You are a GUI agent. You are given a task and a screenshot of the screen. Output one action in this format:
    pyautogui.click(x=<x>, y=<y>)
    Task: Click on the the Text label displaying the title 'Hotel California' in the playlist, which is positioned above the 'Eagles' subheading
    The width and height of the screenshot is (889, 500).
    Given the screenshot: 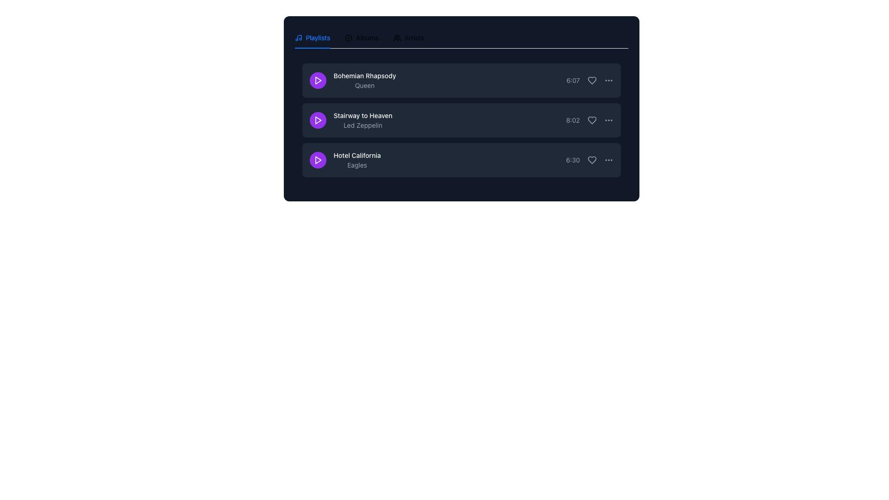 What is the action you would take?
    pyautogui.click(x=357, y=155)
    